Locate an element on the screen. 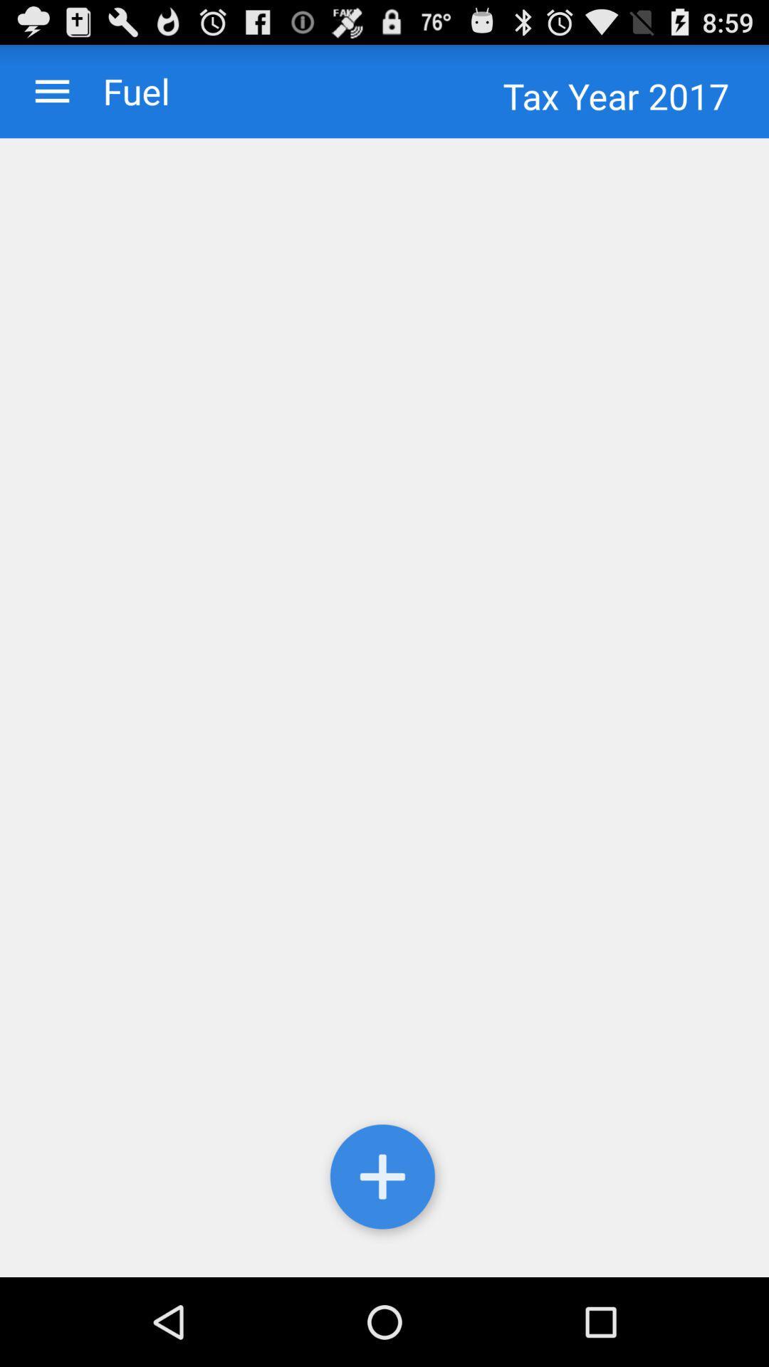  icon below the tax year 2017 is located at coordinates (384, 708).